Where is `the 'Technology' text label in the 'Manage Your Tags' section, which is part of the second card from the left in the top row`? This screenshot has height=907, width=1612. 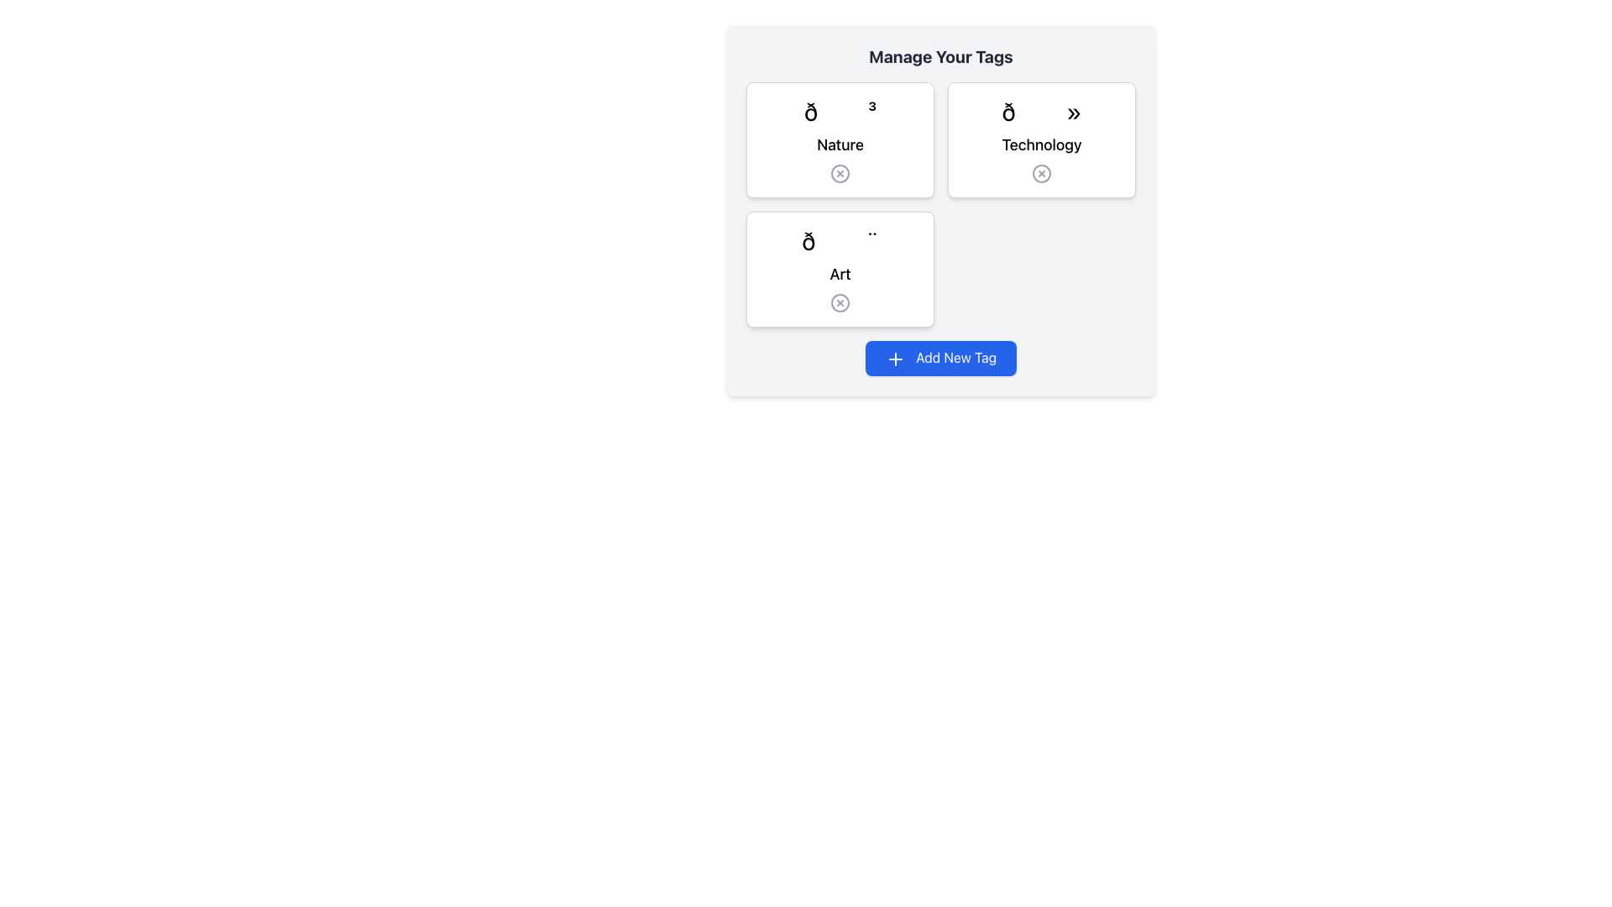
the 'Technology' text label in the 'Manage Your Tags' section, which is part of the second card from the left in the top row is located at coordinates (1041, 144).